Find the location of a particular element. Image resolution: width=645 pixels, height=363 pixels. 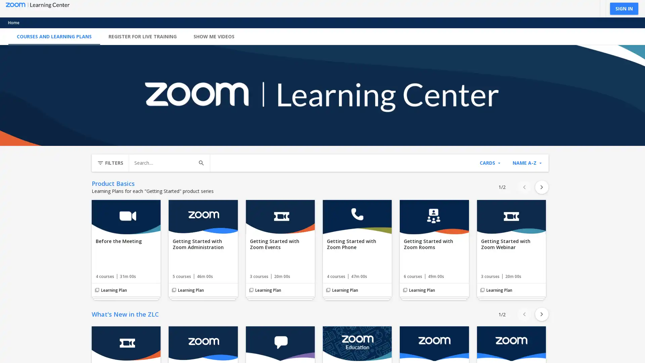

Search is located at coordinates (201, 163).